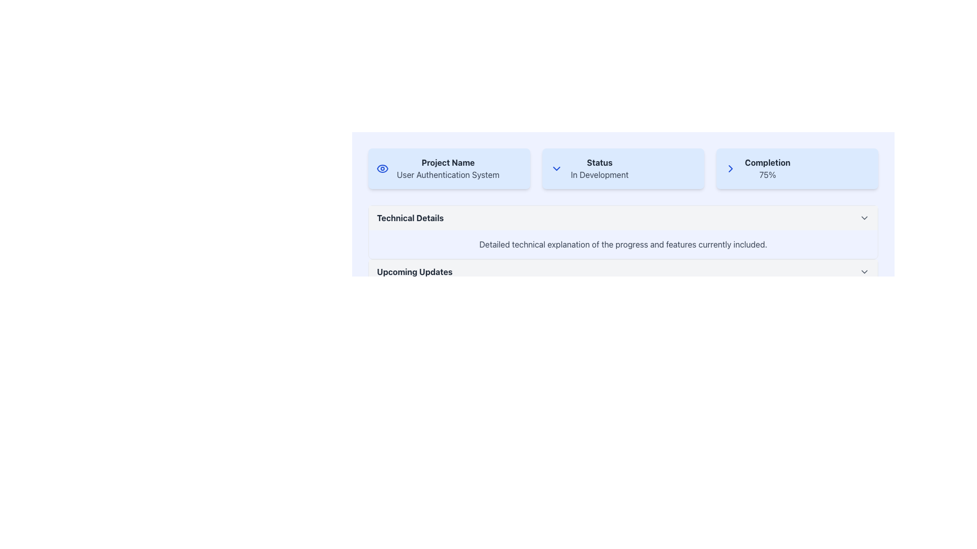 The width and height of the screenshot is (977, 549). What do you see at coordinates (730, 168) in the screenshot?
I see `interactive icon located within the 'Completion75%' box, which is positioned near the top-right of the interface` at bounding box center [730, 168].